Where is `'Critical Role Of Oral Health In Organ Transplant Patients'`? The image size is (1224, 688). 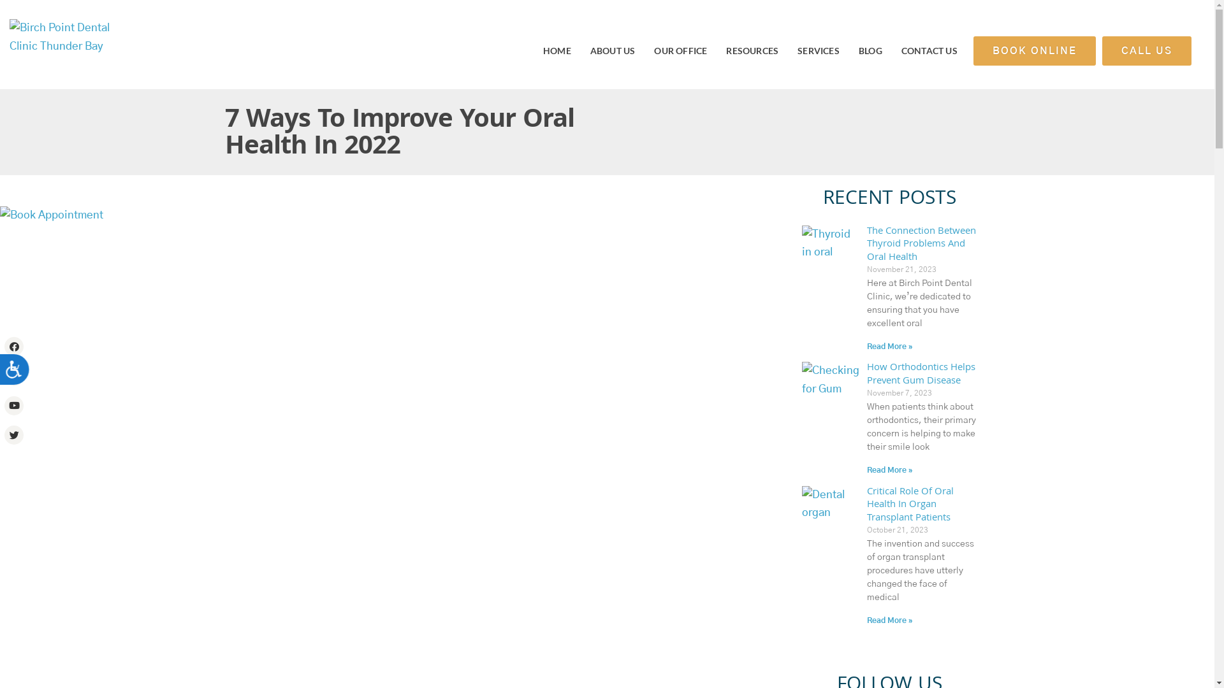
'Critical Role Of Oral Health In Organ Transplant Patients' is located at coordinates (910, 505).